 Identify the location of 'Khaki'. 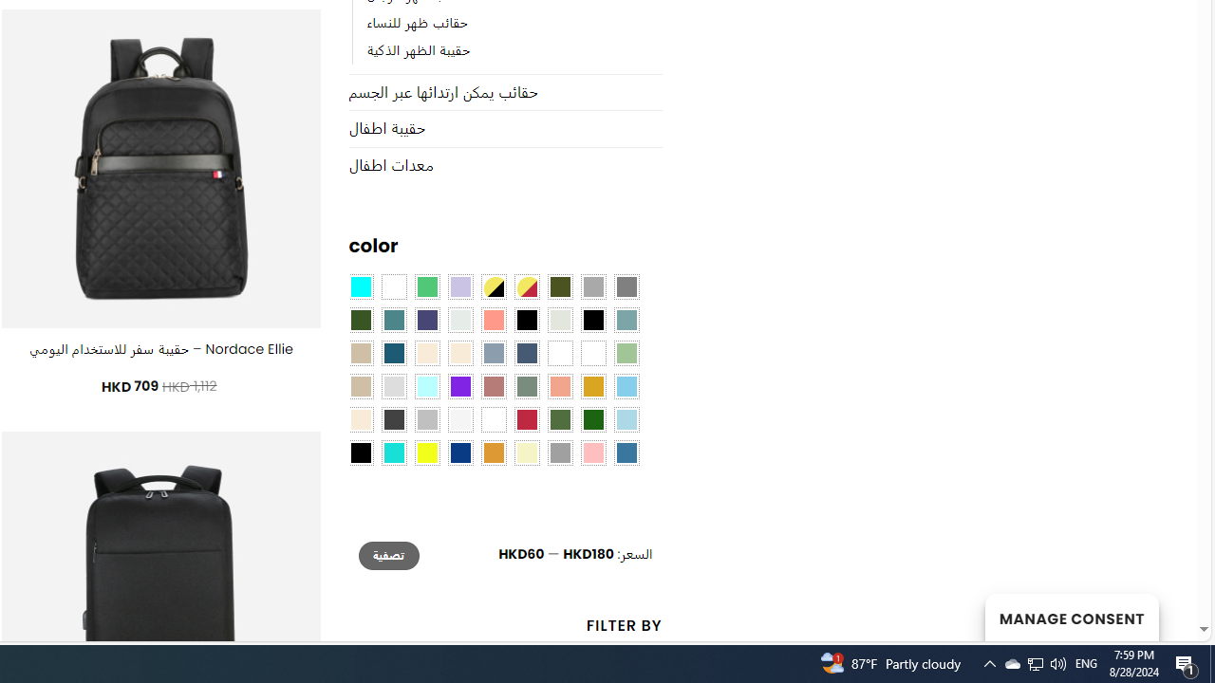
(591, 353).